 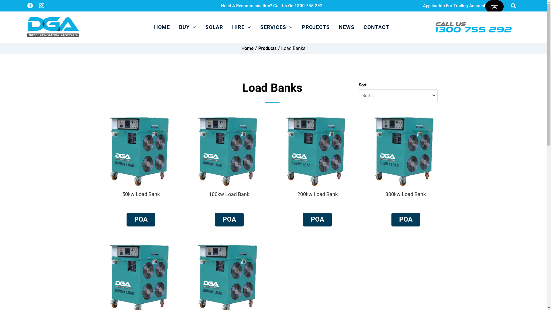 What do you see at coordinates (162, 27) in the screenshot?
I see `'HOME'` at bounding box center [162, 27].